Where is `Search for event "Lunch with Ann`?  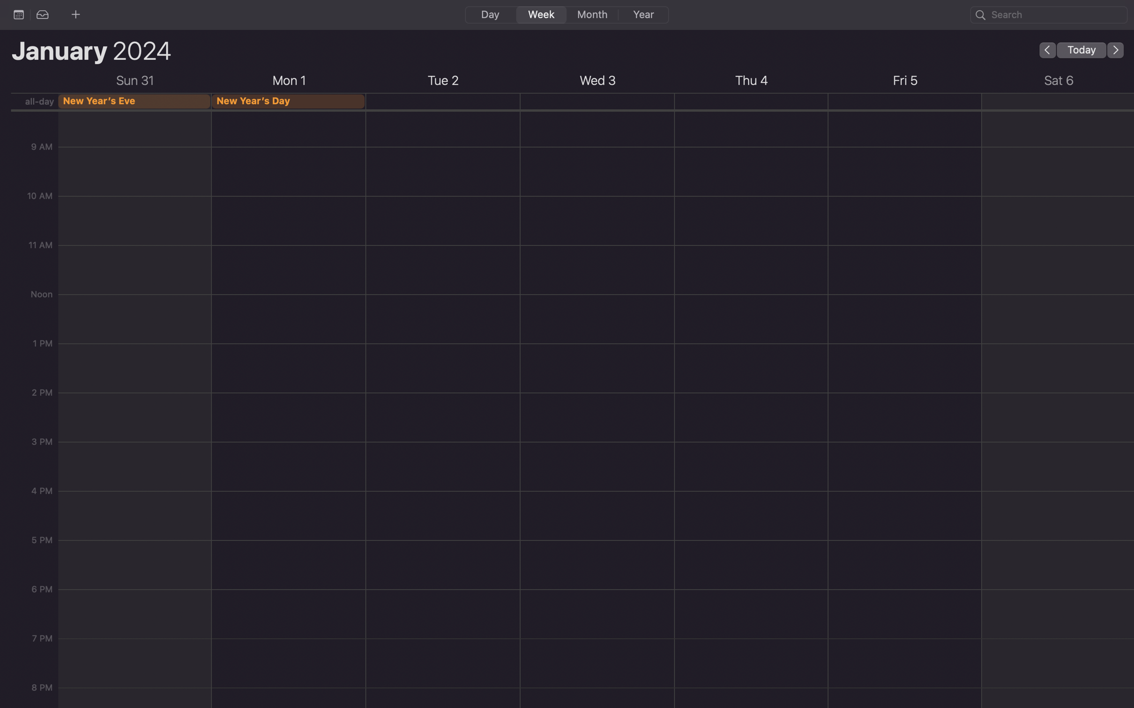 Search for event "Lunch with Ann is located at coordinates (1049, 14).